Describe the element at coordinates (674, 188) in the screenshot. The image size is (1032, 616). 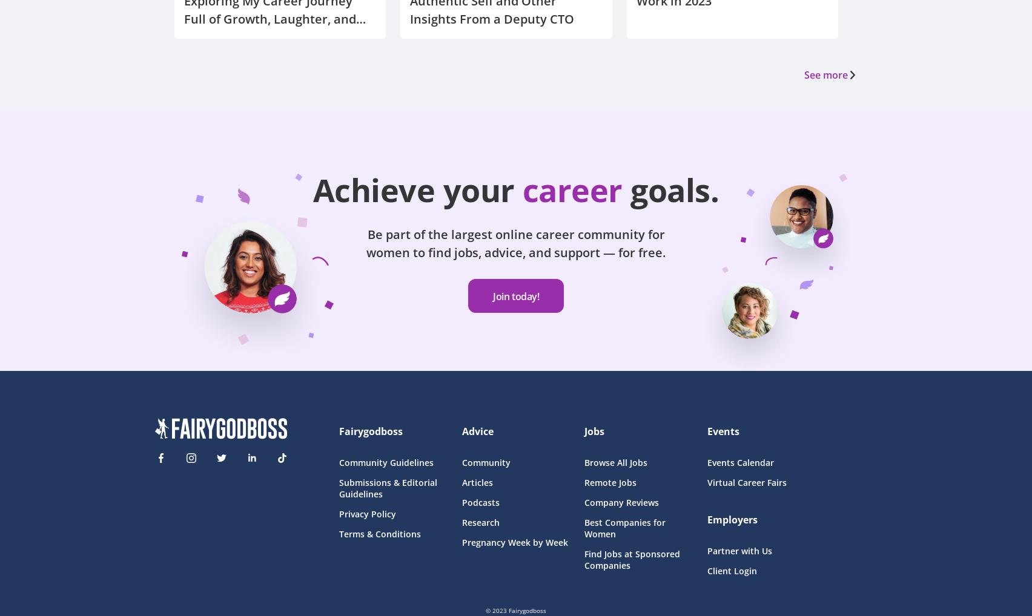
I see `'goals.'` at that location.